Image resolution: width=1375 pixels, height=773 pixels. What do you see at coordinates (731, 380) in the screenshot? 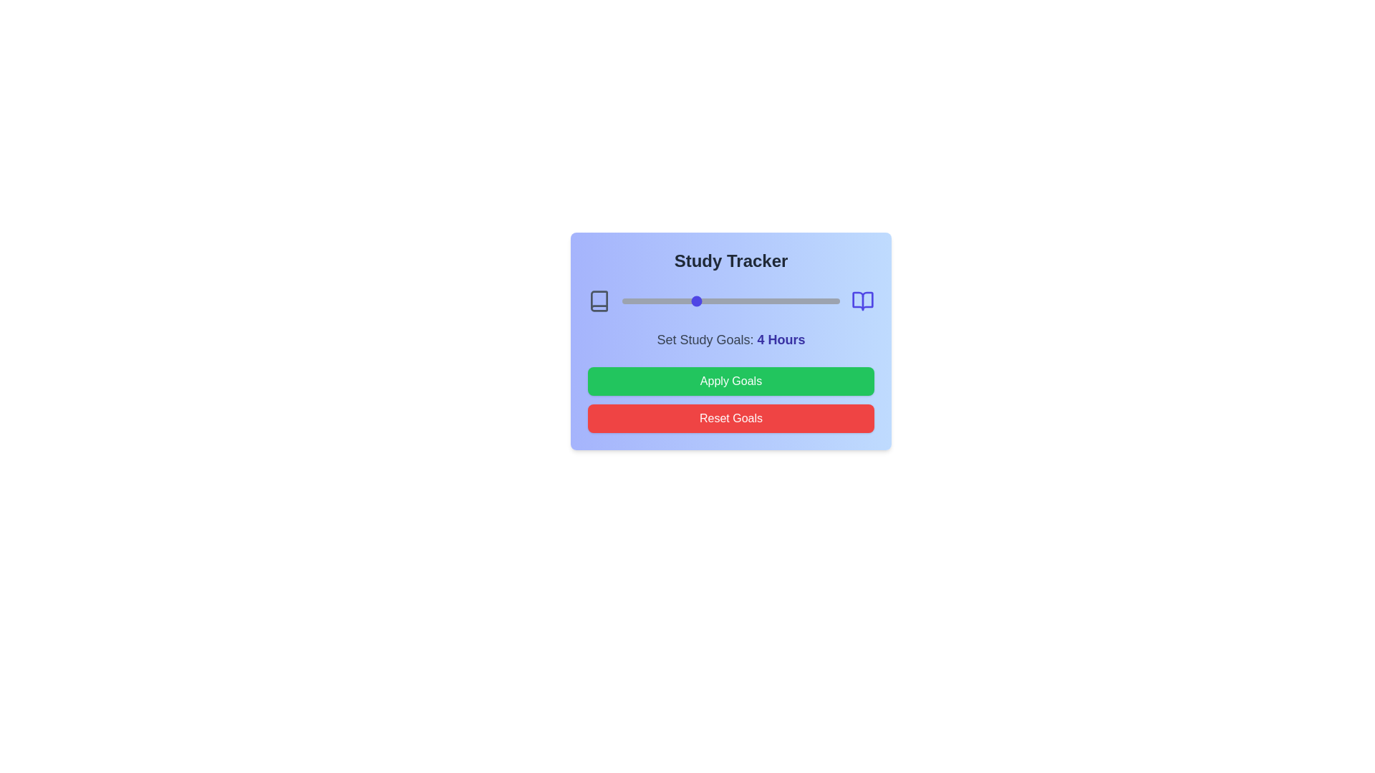
I see `the 'Apply Goals' button to apply the selected study goals` at bounding box center [731, 380].